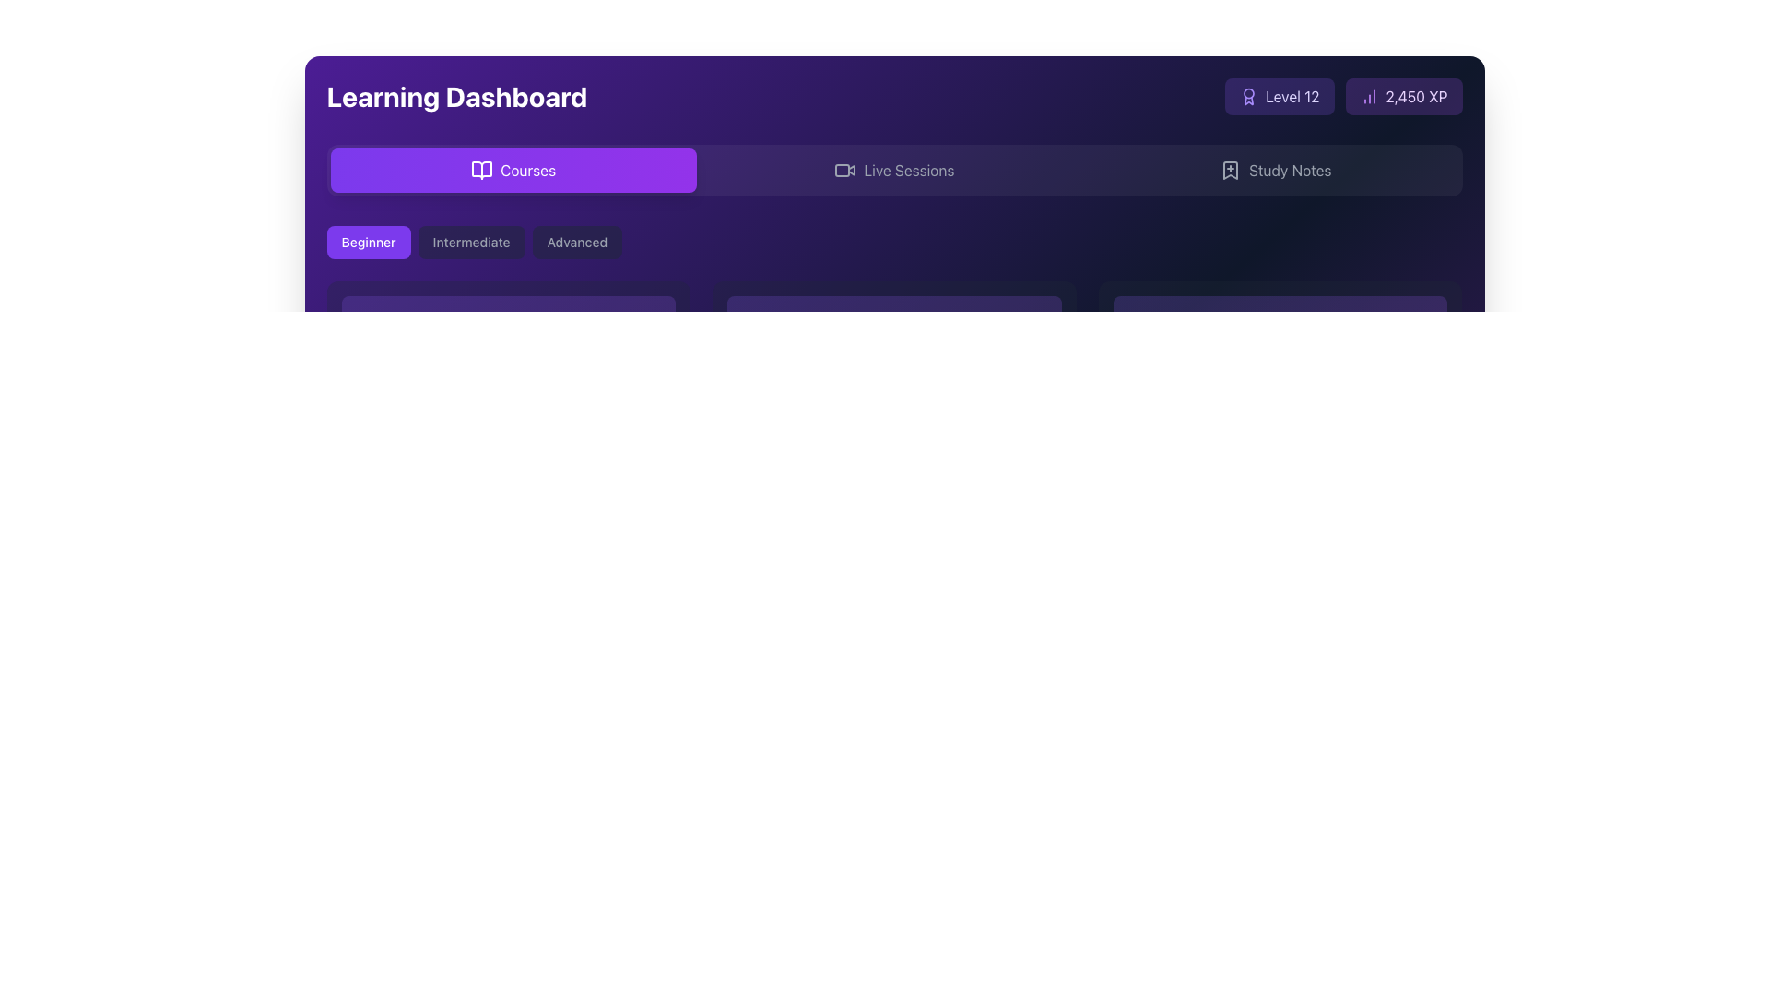 This screenshot has width=1770, height=996. What do you see at coordinates (456, 96) in the screenshot?
I see `the 'Learning Dashboard' heading, which is a prominent textual title displayed in large, bold, white font against a darker purple background, located at the top-left region of the interface` at bounding box center [456, 96].